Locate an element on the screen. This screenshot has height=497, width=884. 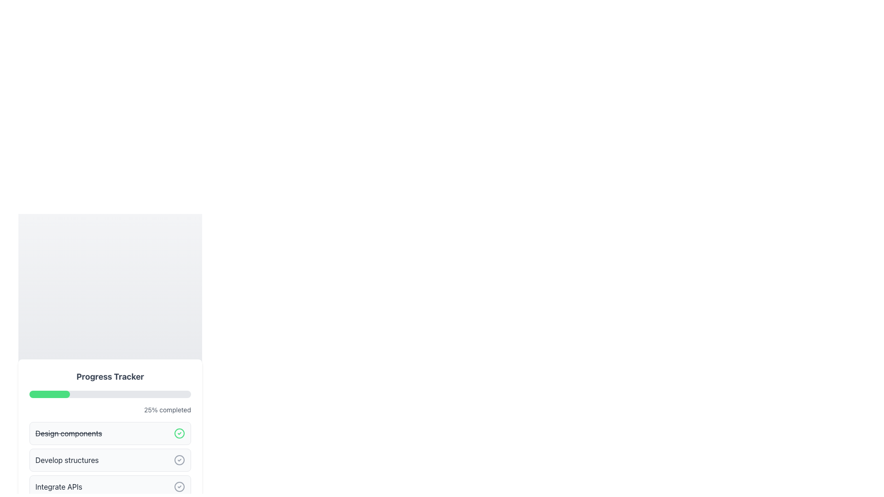
text label 'Integrate APIs' which is displayed in grayish-black font and is the third entry in a vertical sequence of a progress tracker interface is located at coordinates (58, 486).